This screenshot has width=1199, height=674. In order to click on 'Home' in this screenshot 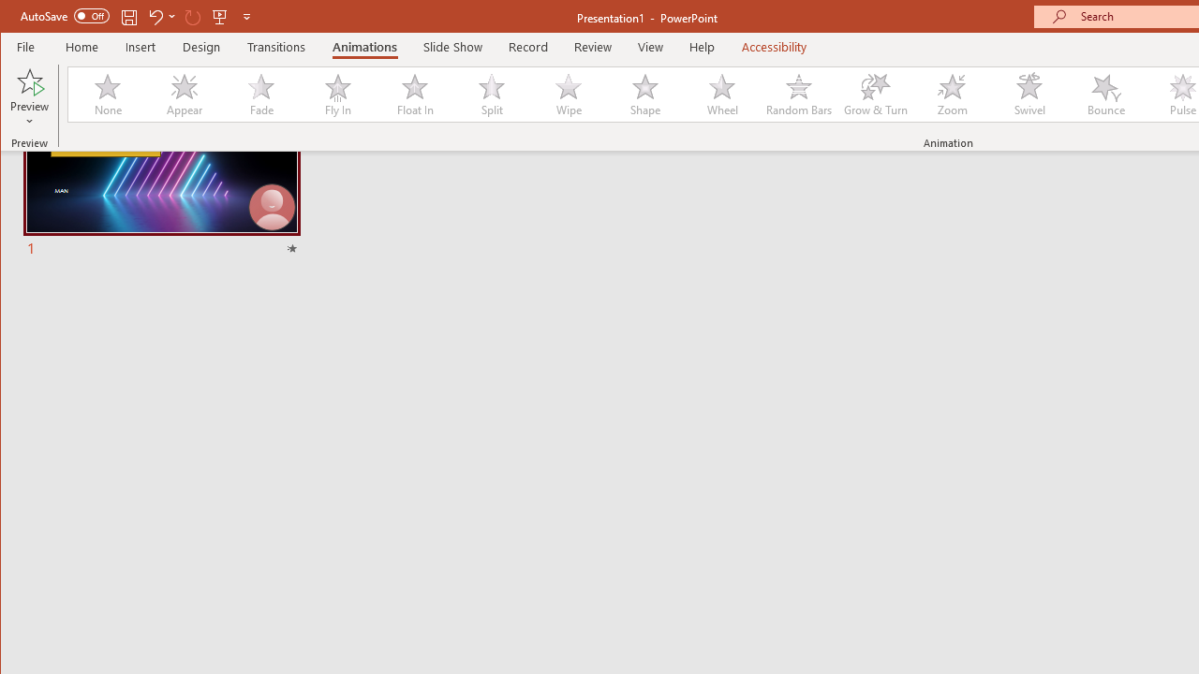, I will do `click(81, 46)`.